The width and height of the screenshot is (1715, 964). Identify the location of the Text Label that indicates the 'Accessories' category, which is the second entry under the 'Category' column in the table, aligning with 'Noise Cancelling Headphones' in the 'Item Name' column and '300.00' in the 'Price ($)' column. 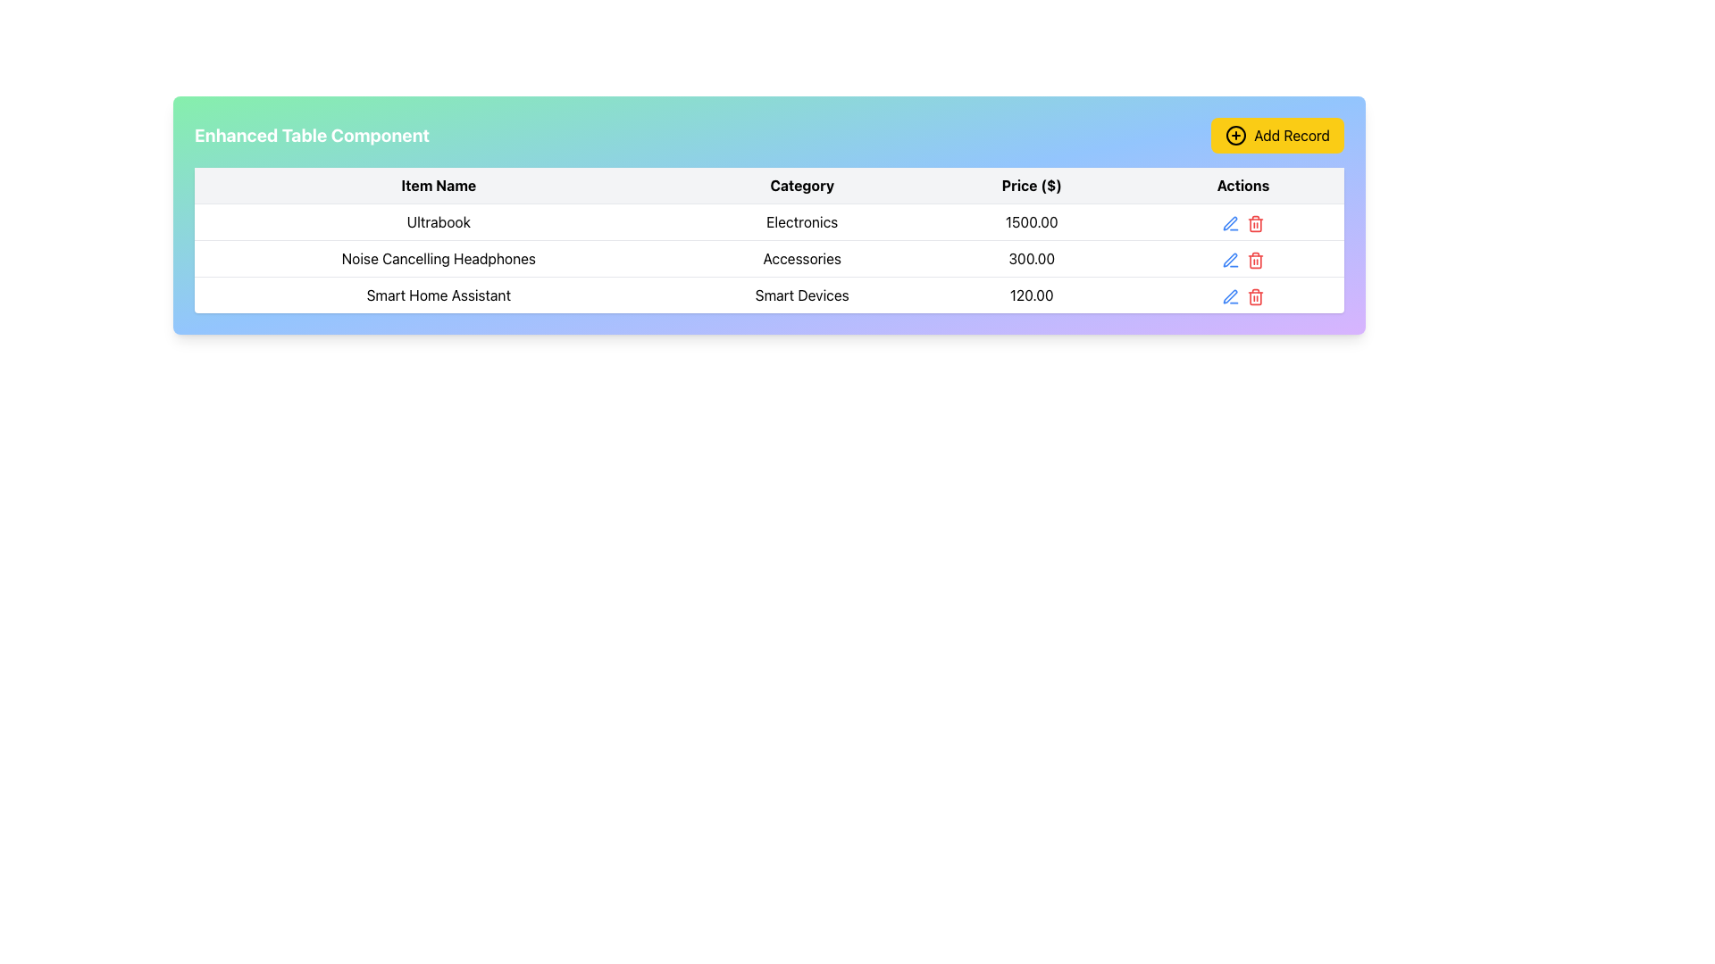
(801, 258).